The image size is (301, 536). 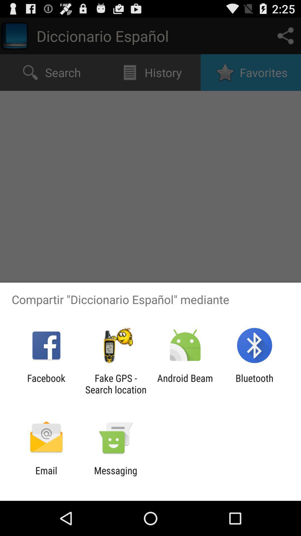 What do you see at coordinates (46, 476) in the screenshot?
I see `item next to messaging app` at bounding box center [46, 476].